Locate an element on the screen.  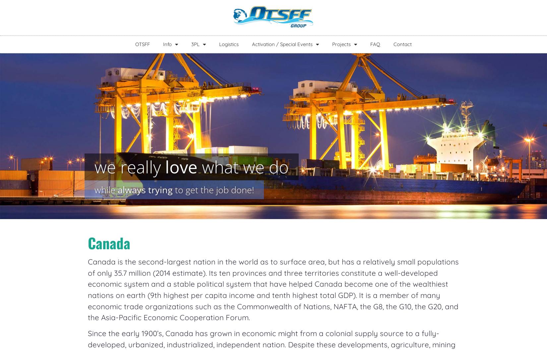
'Activation / Special Events' is located at coordinates (282, 44).